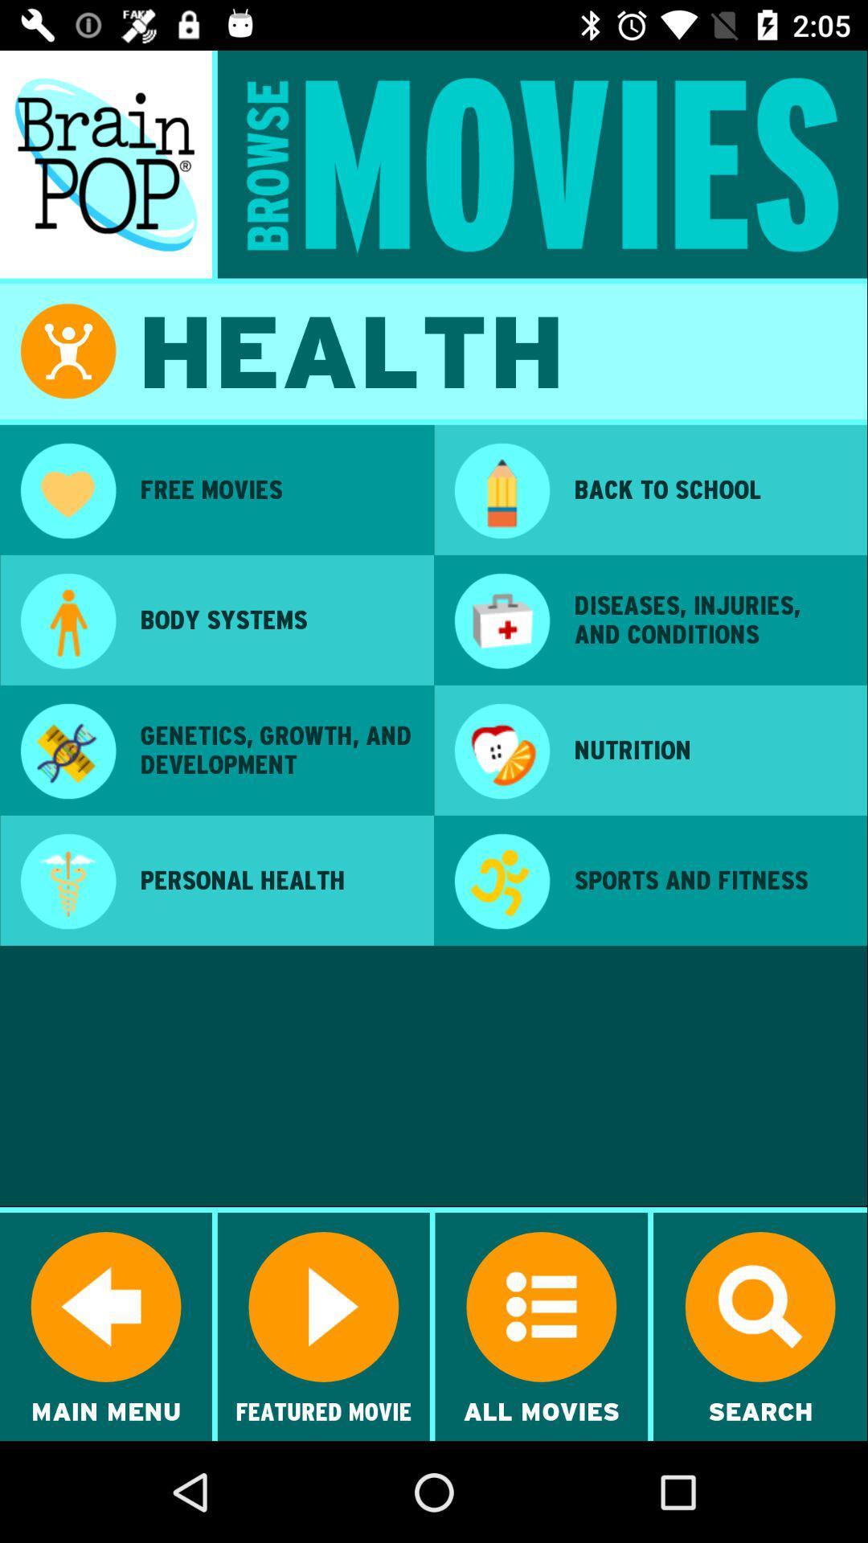 The image size is (868, 1543). Describe the element at coordinates (501, 752) in the screenshot. I see `icon to the left of nutrition app` at that location.